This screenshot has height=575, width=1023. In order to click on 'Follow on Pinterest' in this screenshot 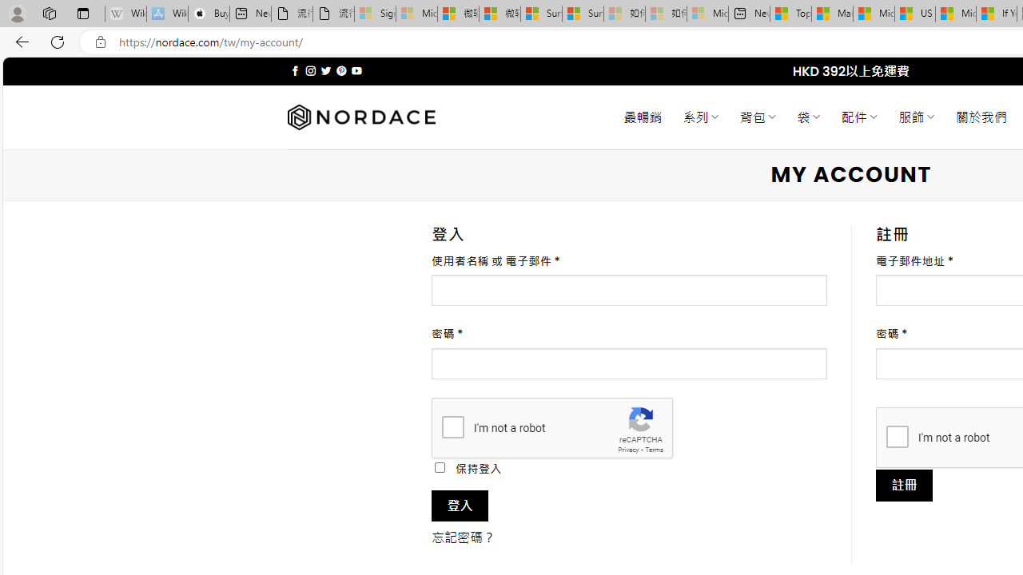, I will do `click(340, 70)`.